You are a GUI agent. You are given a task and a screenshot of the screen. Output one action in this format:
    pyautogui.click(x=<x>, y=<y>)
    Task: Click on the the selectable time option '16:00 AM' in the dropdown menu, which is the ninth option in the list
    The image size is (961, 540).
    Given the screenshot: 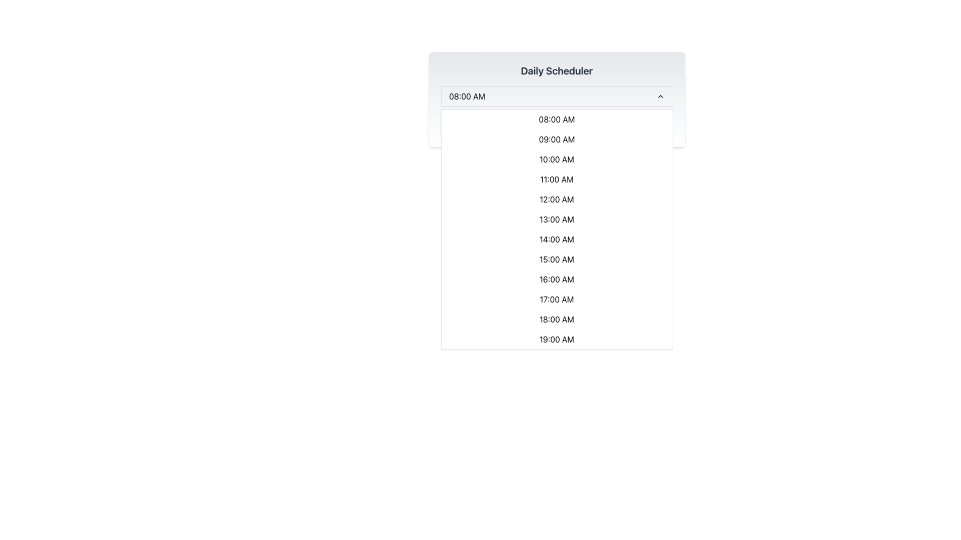 What is the action you would take?
    pyautogui.click(x=556, y=279)
    